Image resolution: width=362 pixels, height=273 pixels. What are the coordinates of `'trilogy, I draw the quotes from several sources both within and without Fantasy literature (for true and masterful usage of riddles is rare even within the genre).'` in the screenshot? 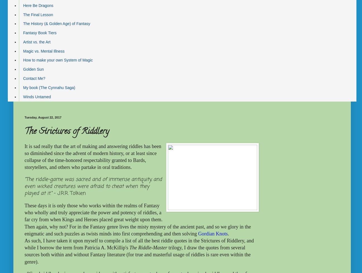 It's located at (25, 254).